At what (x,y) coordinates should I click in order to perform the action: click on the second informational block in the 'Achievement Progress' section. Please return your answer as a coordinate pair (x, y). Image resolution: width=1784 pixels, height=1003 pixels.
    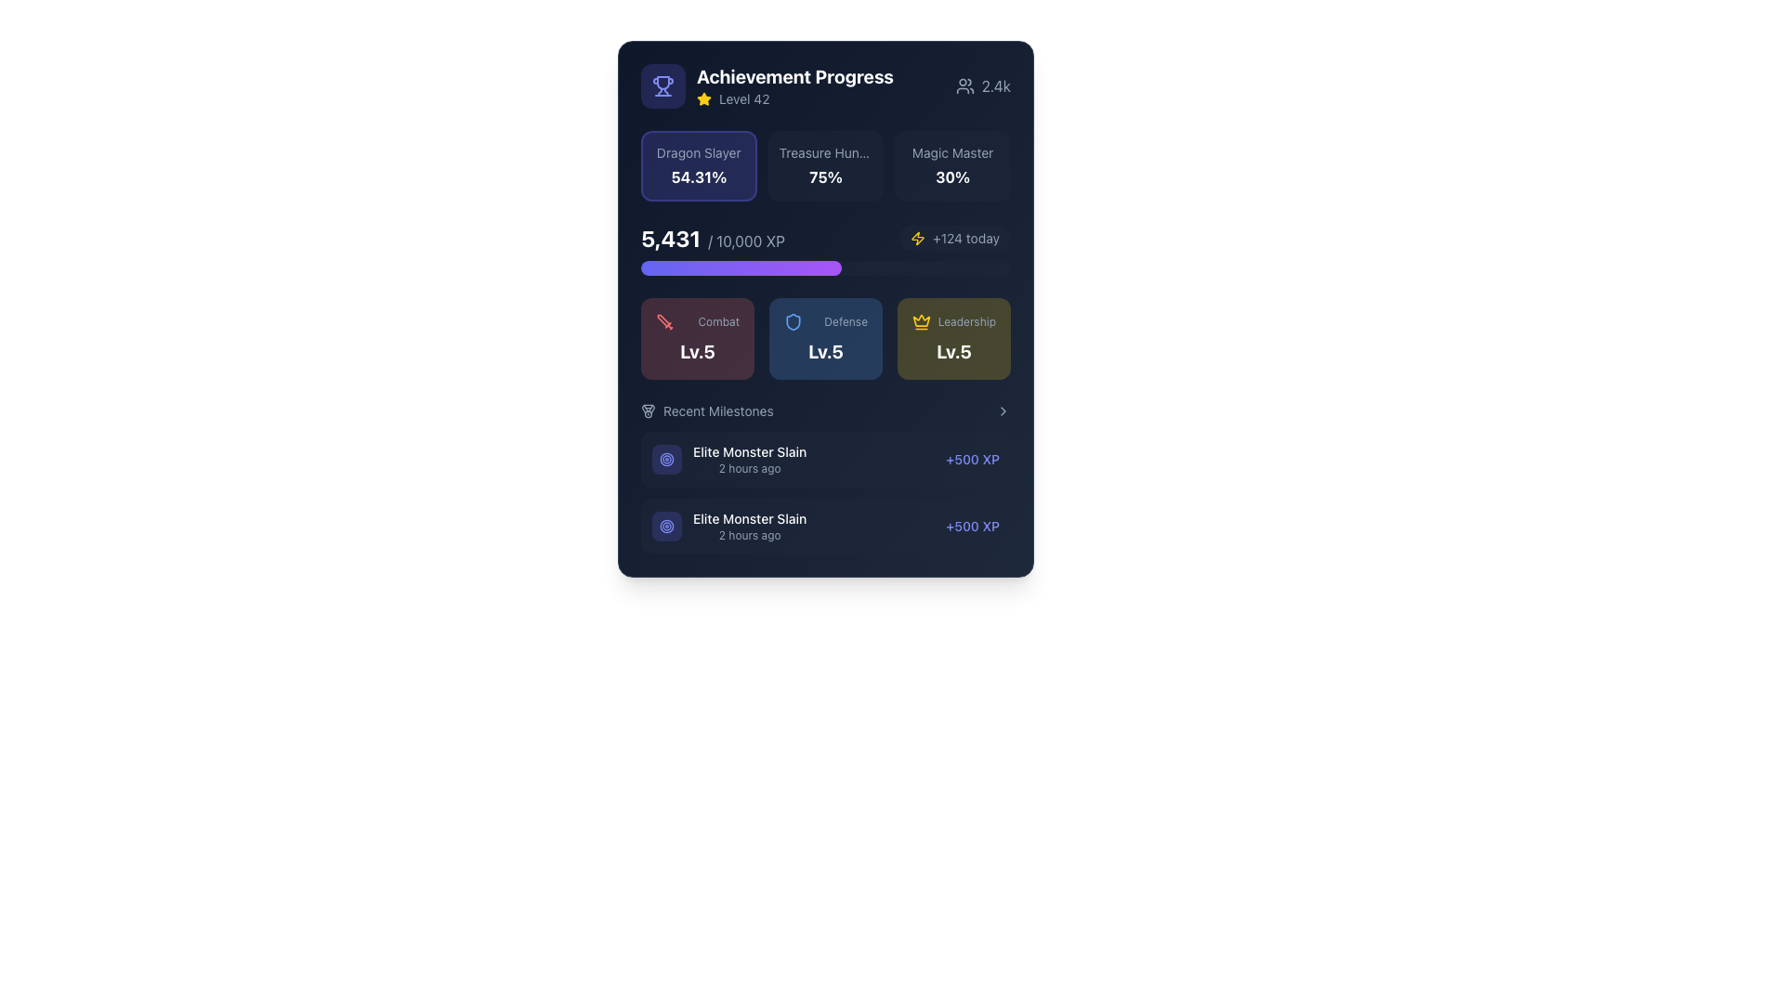
    Looking at the image, I should click on (824, 164).